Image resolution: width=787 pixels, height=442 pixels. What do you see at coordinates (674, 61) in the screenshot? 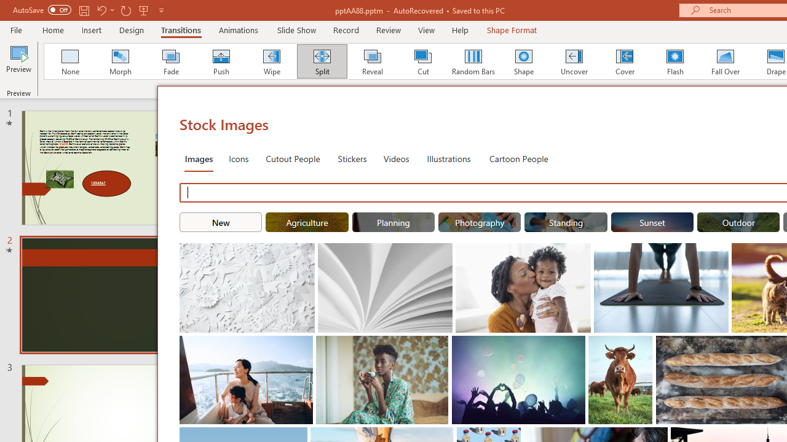
I see `'Flash'` at bounding box center [674, 61].